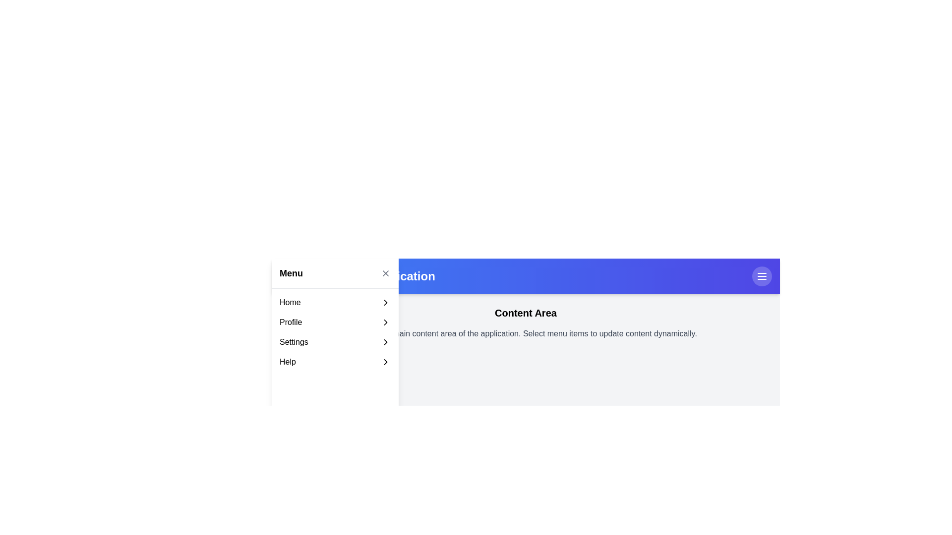 The image size is (952, 535). What do you see at coordinates (761, 276) in the screenshot?
I see `the menu toggle icon button located at the top-right corner of the blue header bar` at bounding box center [761, 276].